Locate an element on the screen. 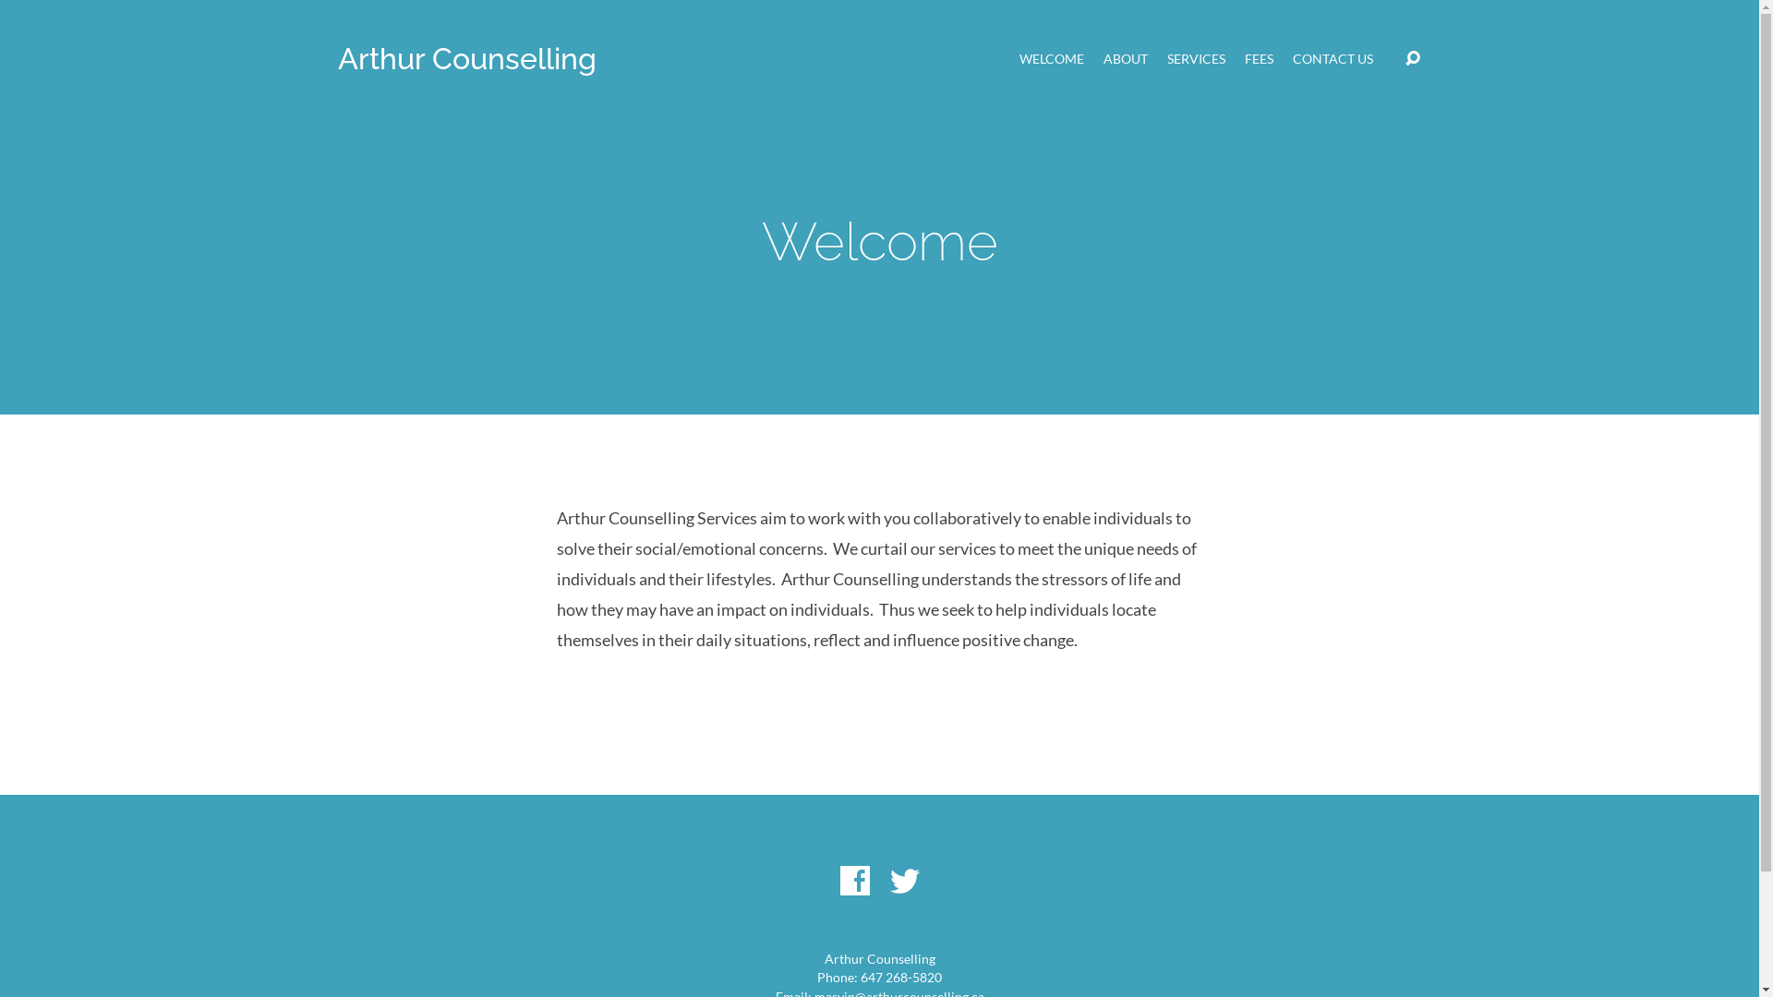  'CONTACT US' is located at coordinates (1292, 58).